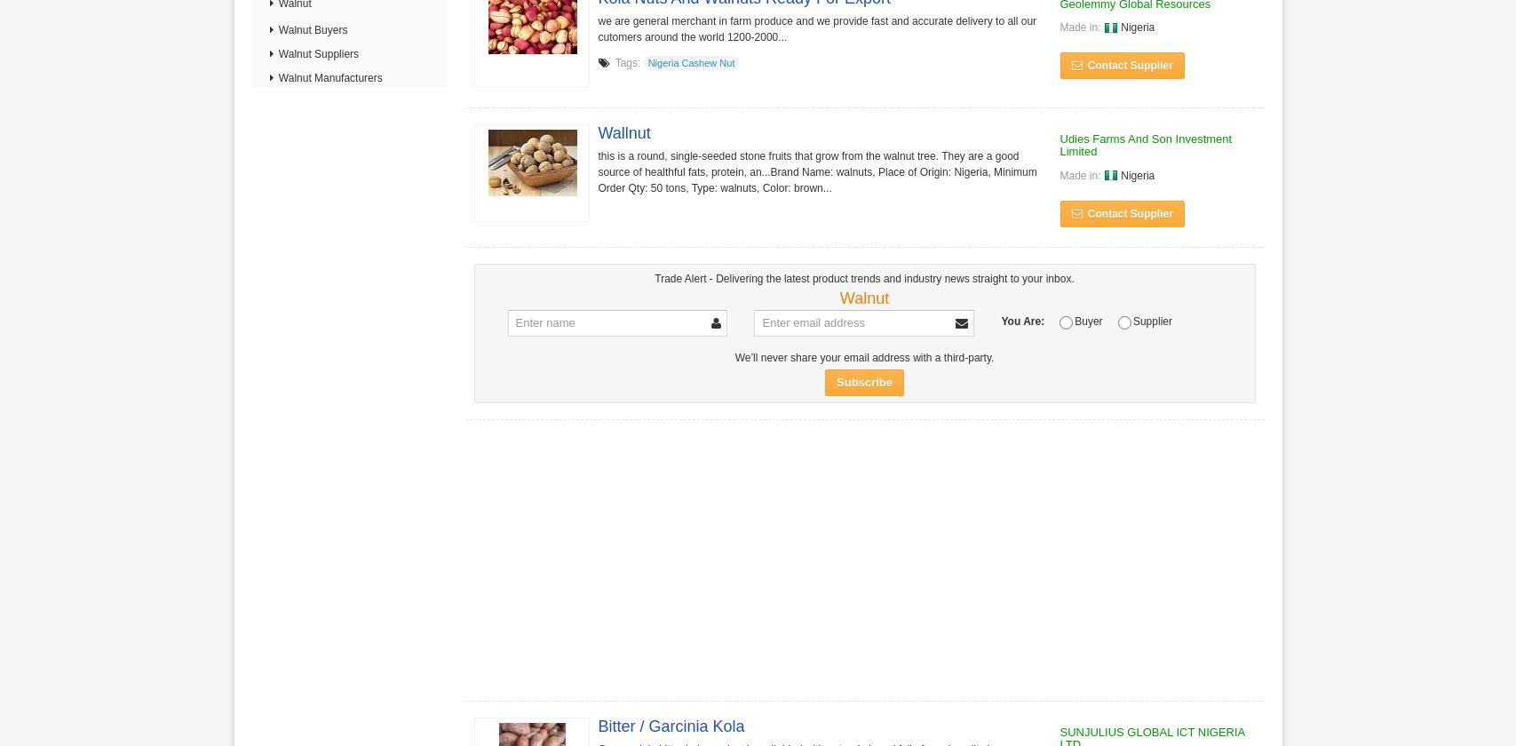 This screenshot has width=1516, height=746. Describe the element at coordinates (816, 29) in the screenshot. I see `'we are general merchant in farm produce and we provide fast and accurate delivery to all our cutomers around the world
1200-2000...'` at that location.